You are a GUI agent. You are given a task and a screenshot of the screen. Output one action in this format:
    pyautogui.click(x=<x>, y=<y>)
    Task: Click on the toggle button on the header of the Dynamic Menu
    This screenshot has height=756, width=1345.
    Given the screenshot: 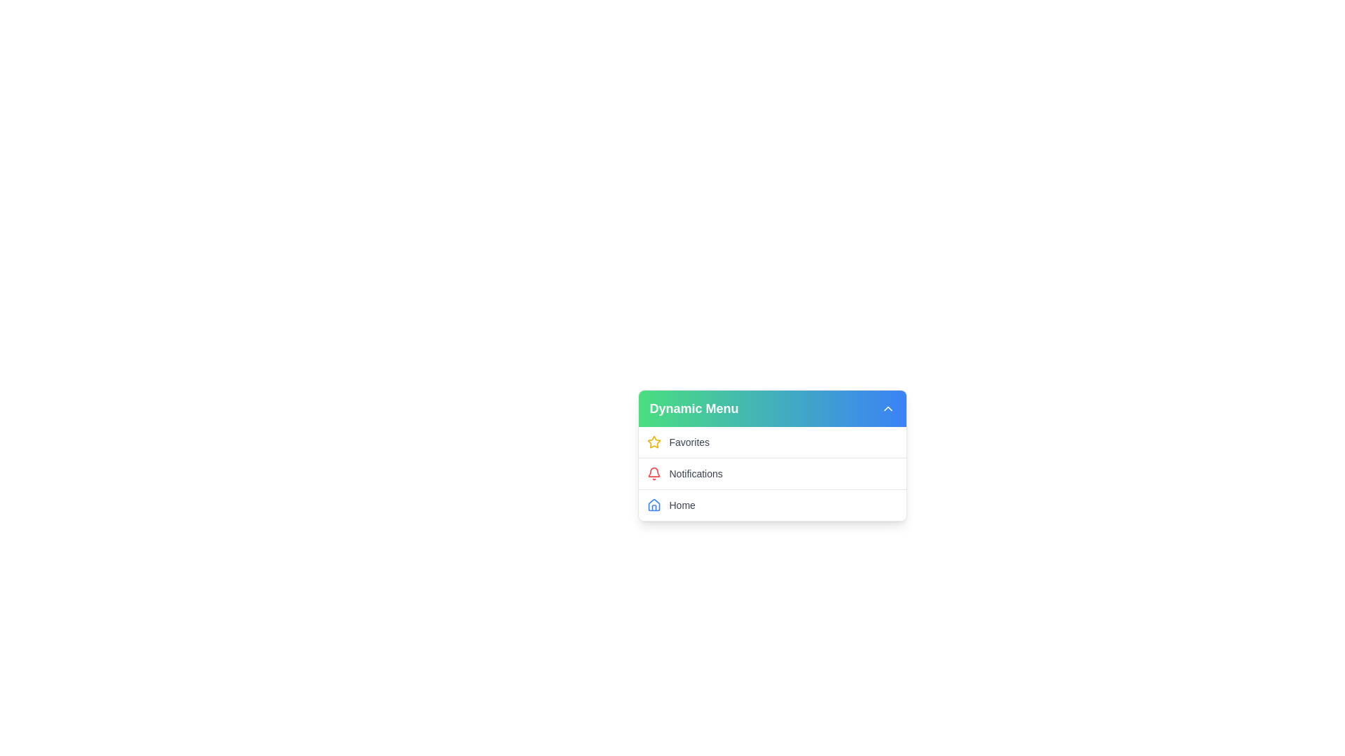 What is the action you would take?
    pyautogui.click(x=887, y=408)
    